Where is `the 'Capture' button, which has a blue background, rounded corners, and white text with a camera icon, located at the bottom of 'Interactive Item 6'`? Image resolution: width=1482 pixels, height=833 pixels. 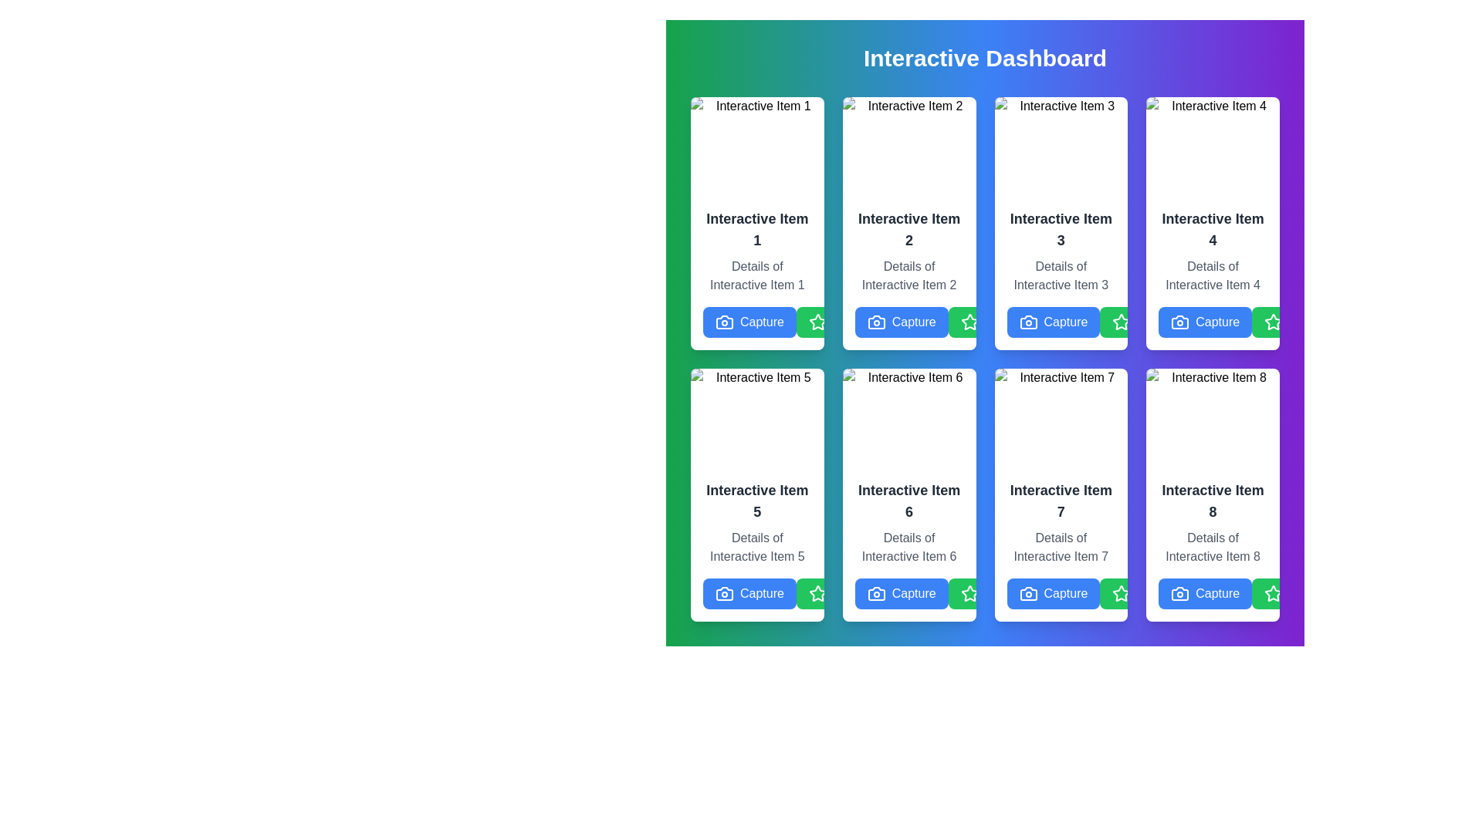
the 'Capture' button, which has a blue background, rounded corners, and white text with a camera icon, located at the bottom of 'Interactive Item 6' is located at coordinates (902, 321).